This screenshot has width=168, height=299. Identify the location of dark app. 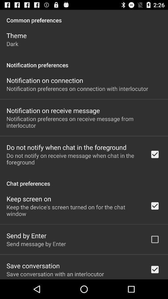
(12, 43).